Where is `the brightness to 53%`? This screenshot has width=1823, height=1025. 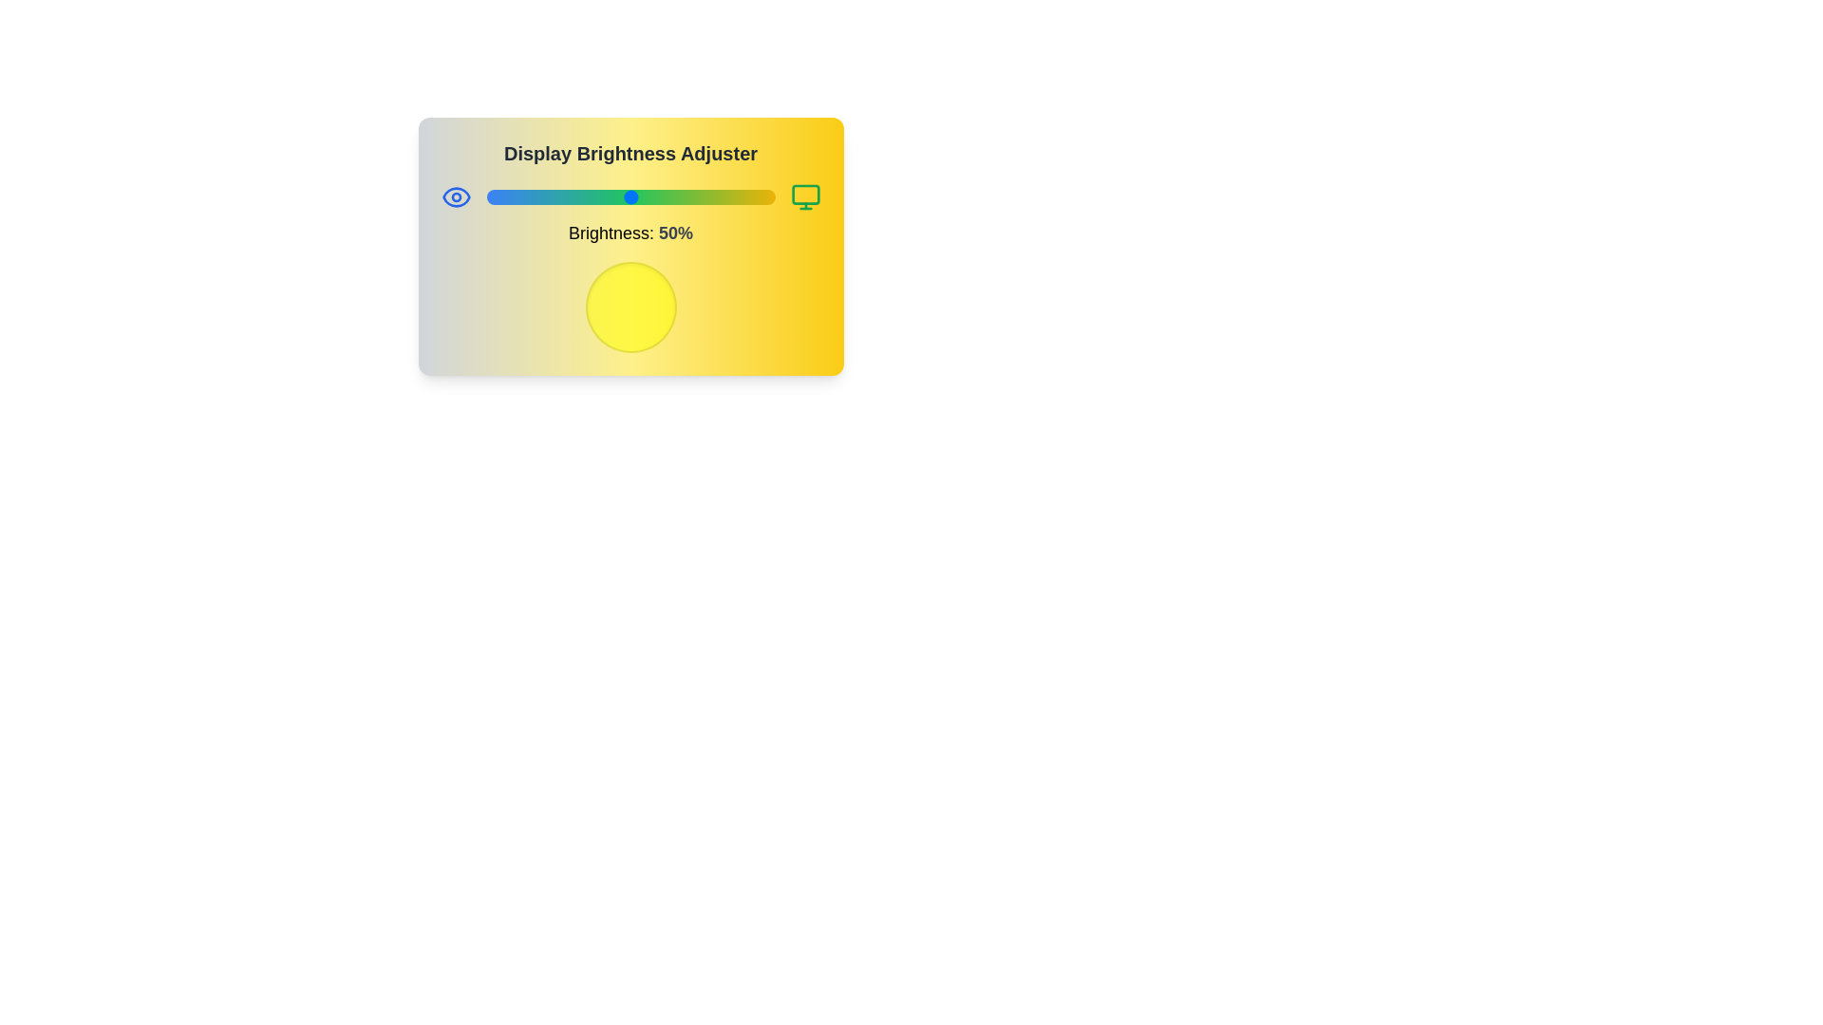
the brightness to 53% is located at coordinates (639, 197).